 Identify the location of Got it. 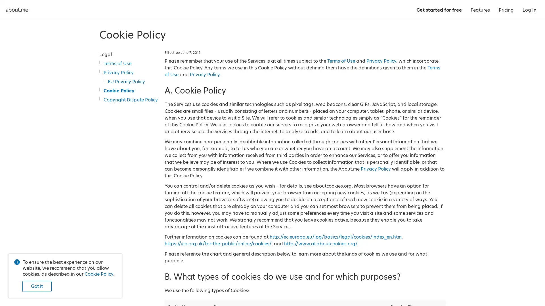
(36, 286).